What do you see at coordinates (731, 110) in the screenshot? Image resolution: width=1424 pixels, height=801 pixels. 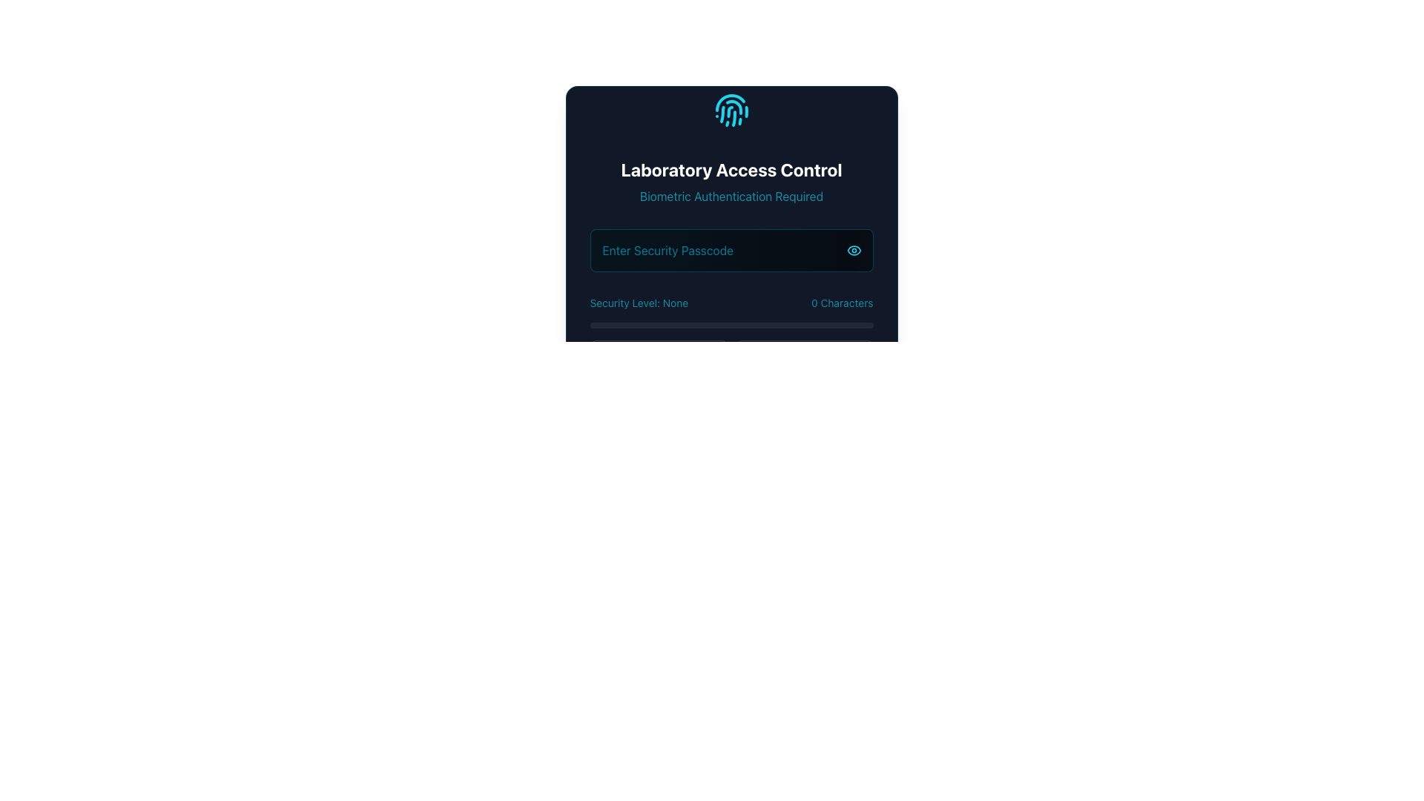 I see `the biometric authentication icon located at the top-center of the main interface, directly above the 'Laboratory Access Control' text` at bounding box center [731, 110].